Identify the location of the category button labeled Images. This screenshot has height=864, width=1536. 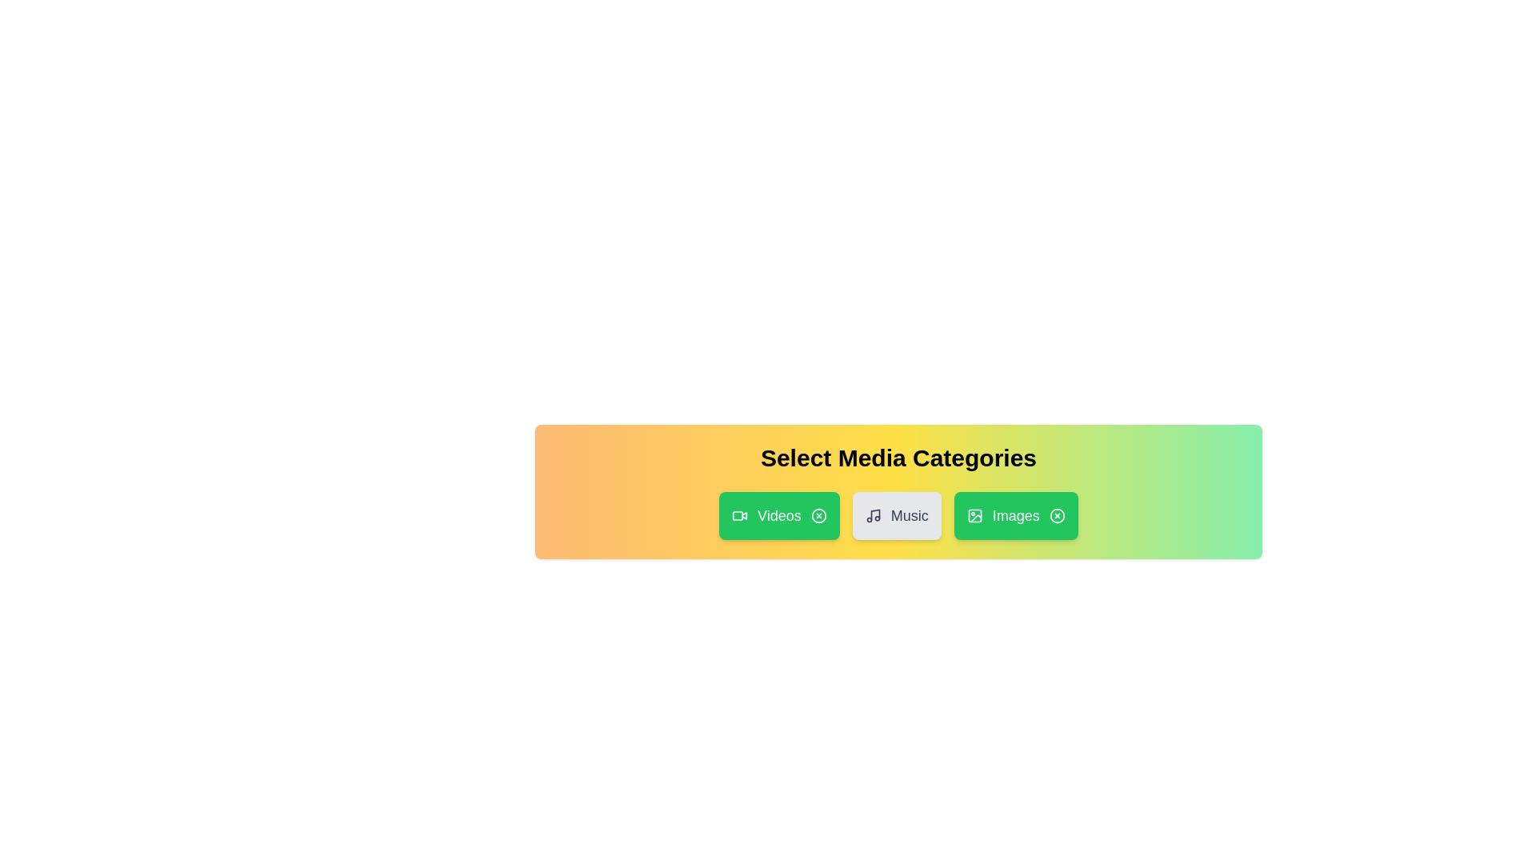
(1015, 515).